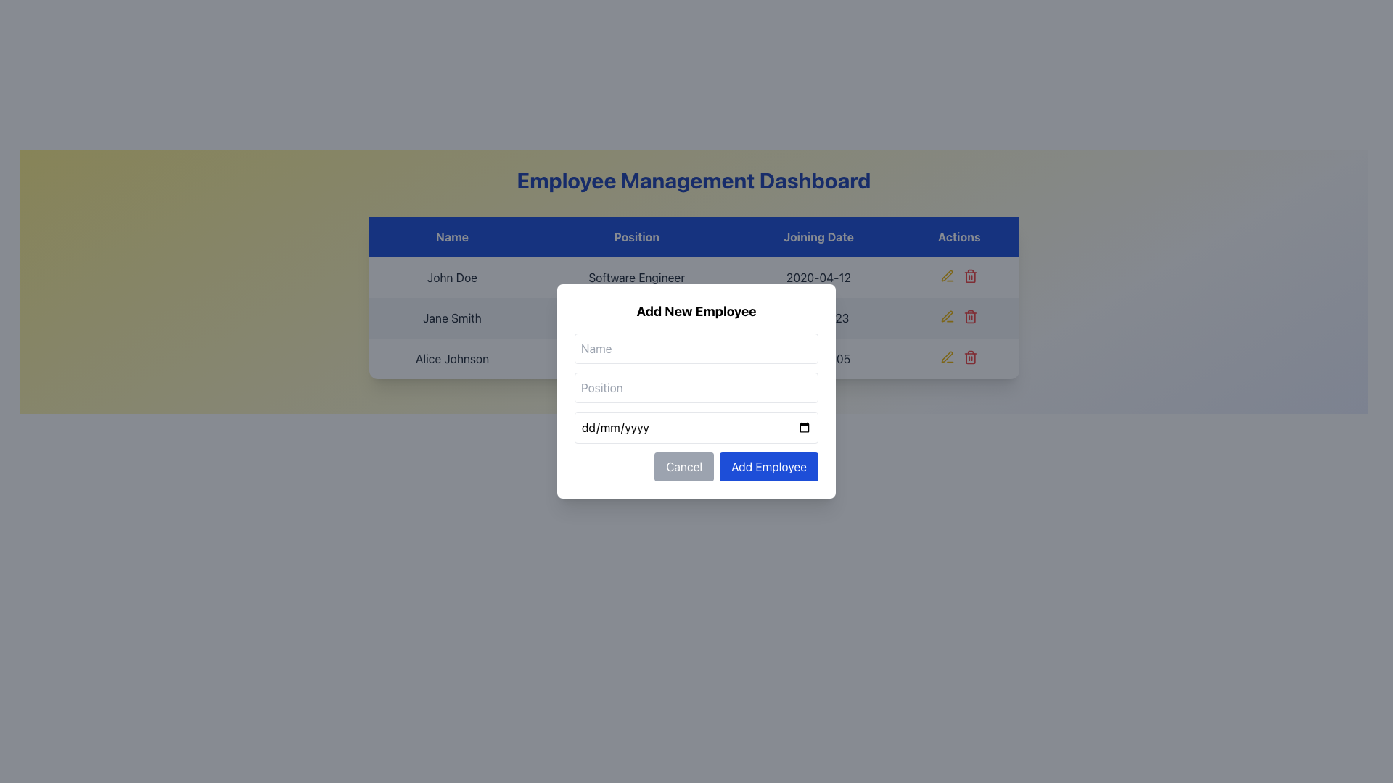  I want to click on the edit icon button located in the 'Actions' column of the first row in the table, next to employee 'John Doe', to initiate the edit action, so click(948, 276).